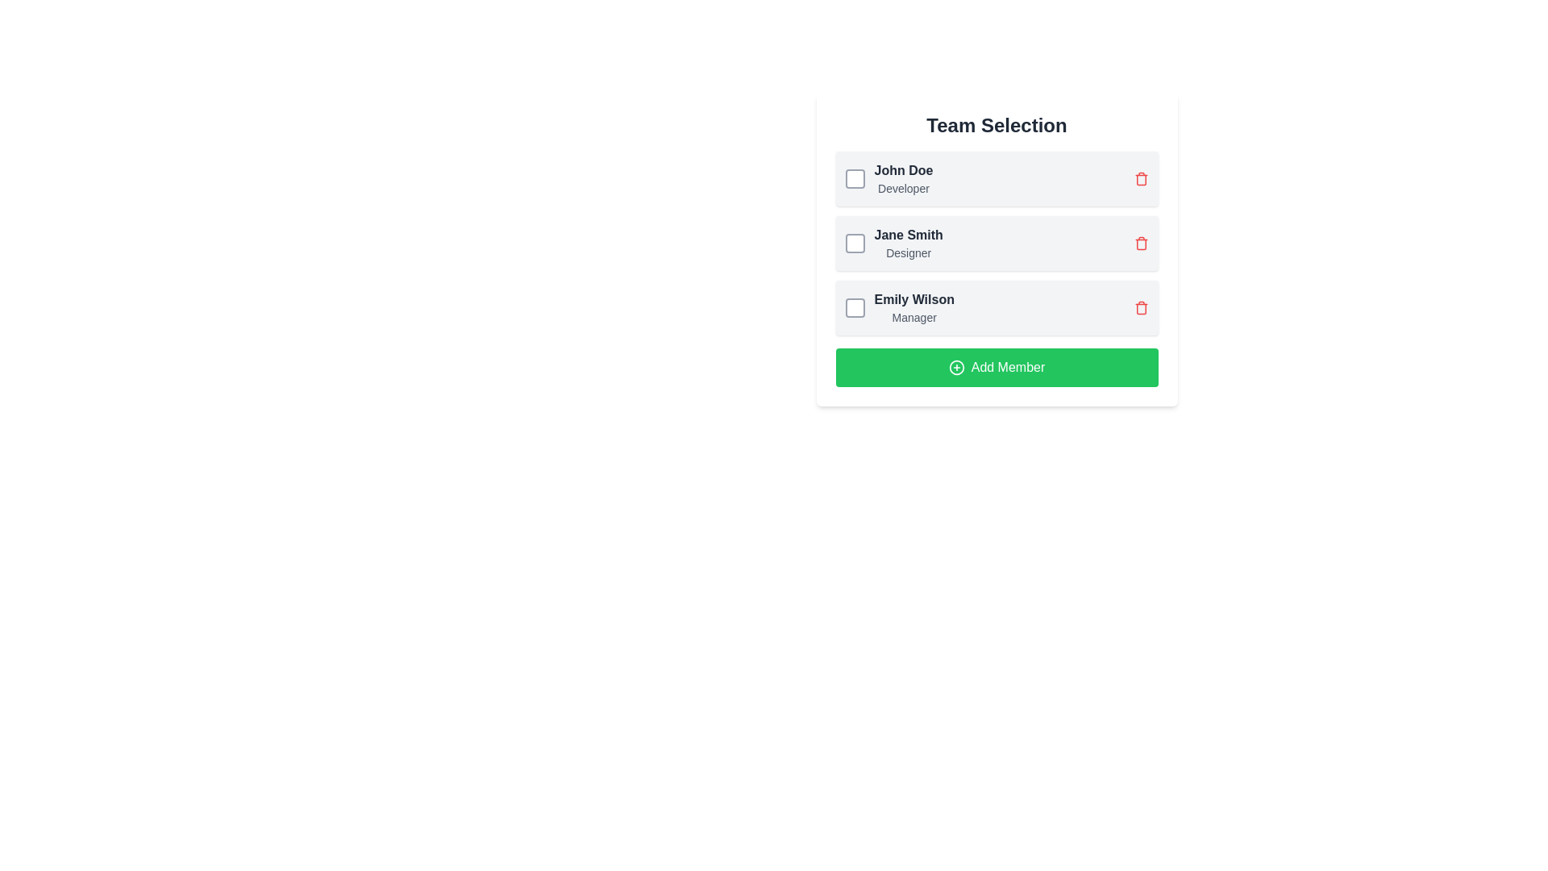 The height and width of the screenshot is (871, 1548). I want to click on the checkbox, so click(854, 179).